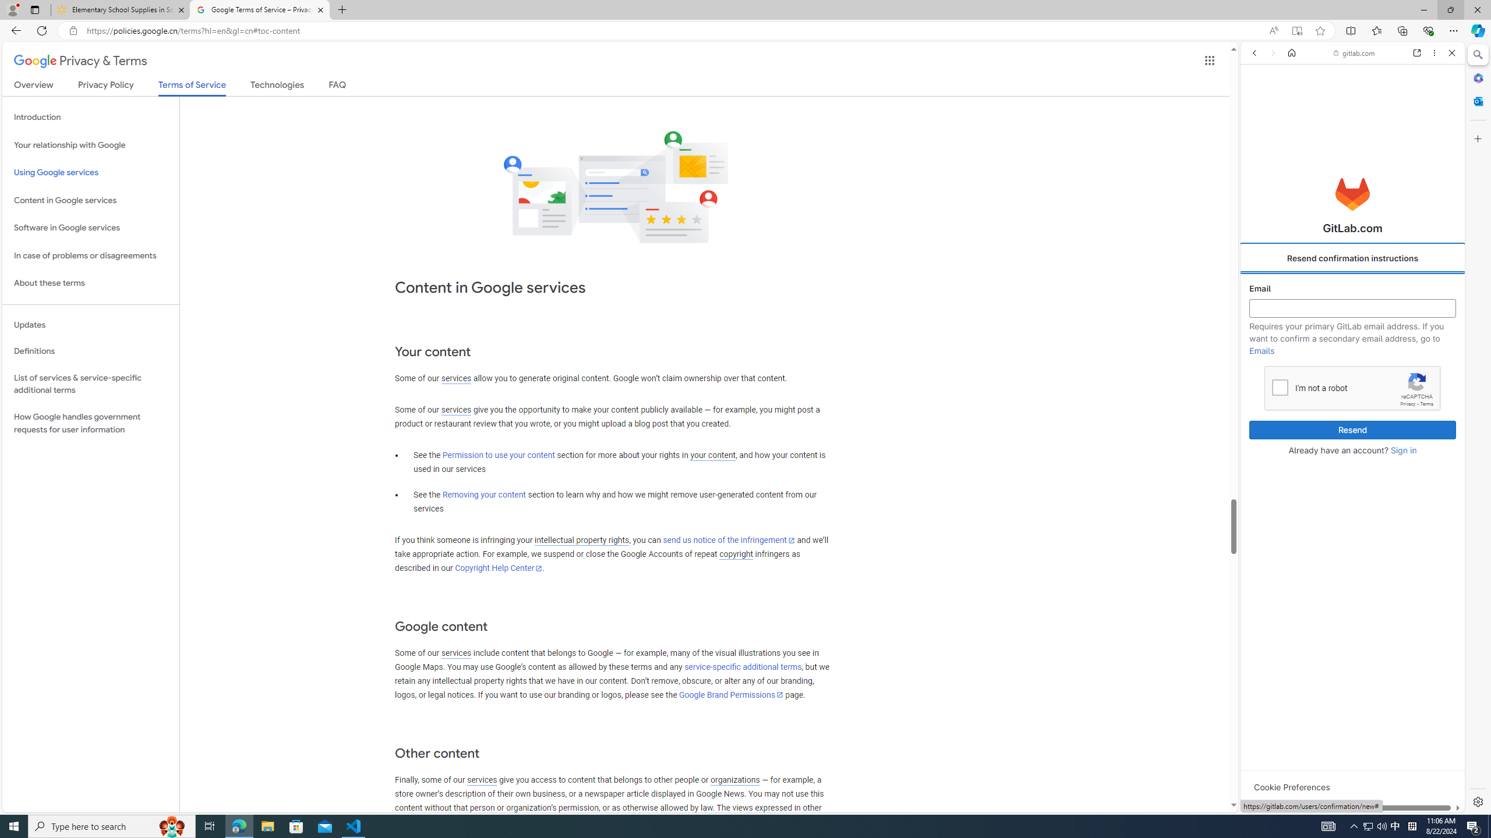 Image resolution: width=1491 pixels, height=838 pixels. What do you see at coordinates (1351, 345) in the screenshot?
I see `'About GitLab'` at bounding box center [1351, 345].